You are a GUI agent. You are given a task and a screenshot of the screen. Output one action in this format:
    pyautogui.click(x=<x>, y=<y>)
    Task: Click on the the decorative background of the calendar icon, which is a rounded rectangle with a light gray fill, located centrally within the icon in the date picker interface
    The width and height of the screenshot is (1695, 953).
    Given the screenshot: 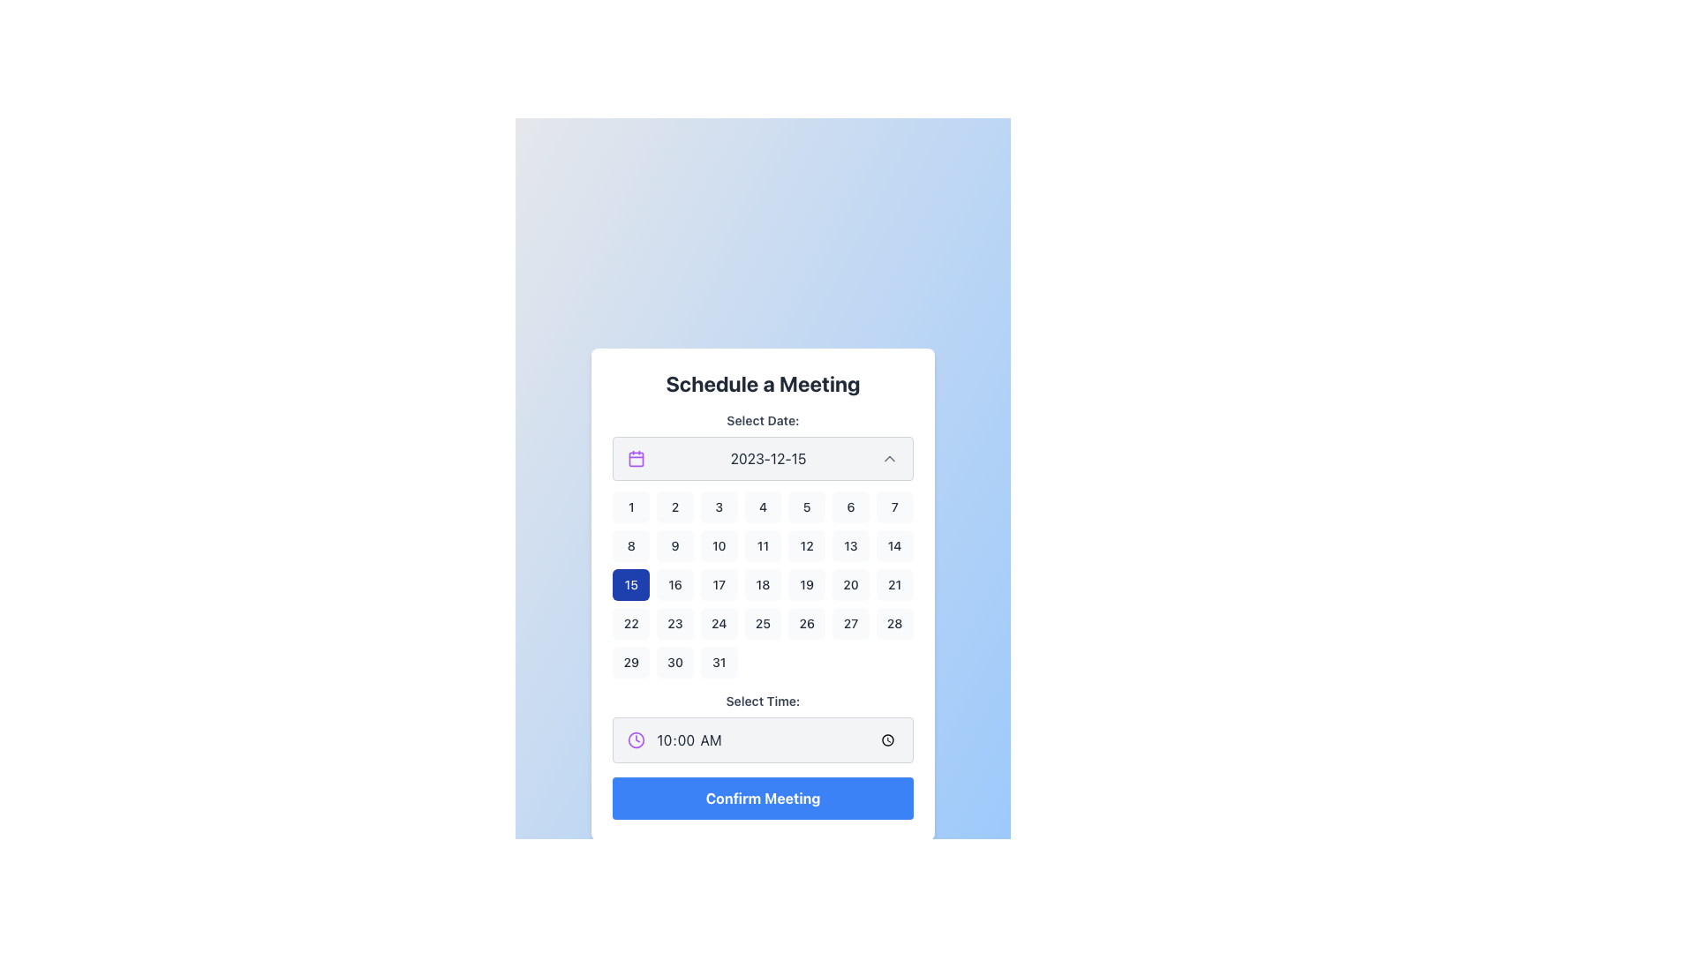 What is the action you would take?
    pyautogui.click(x=636, y=458)
    